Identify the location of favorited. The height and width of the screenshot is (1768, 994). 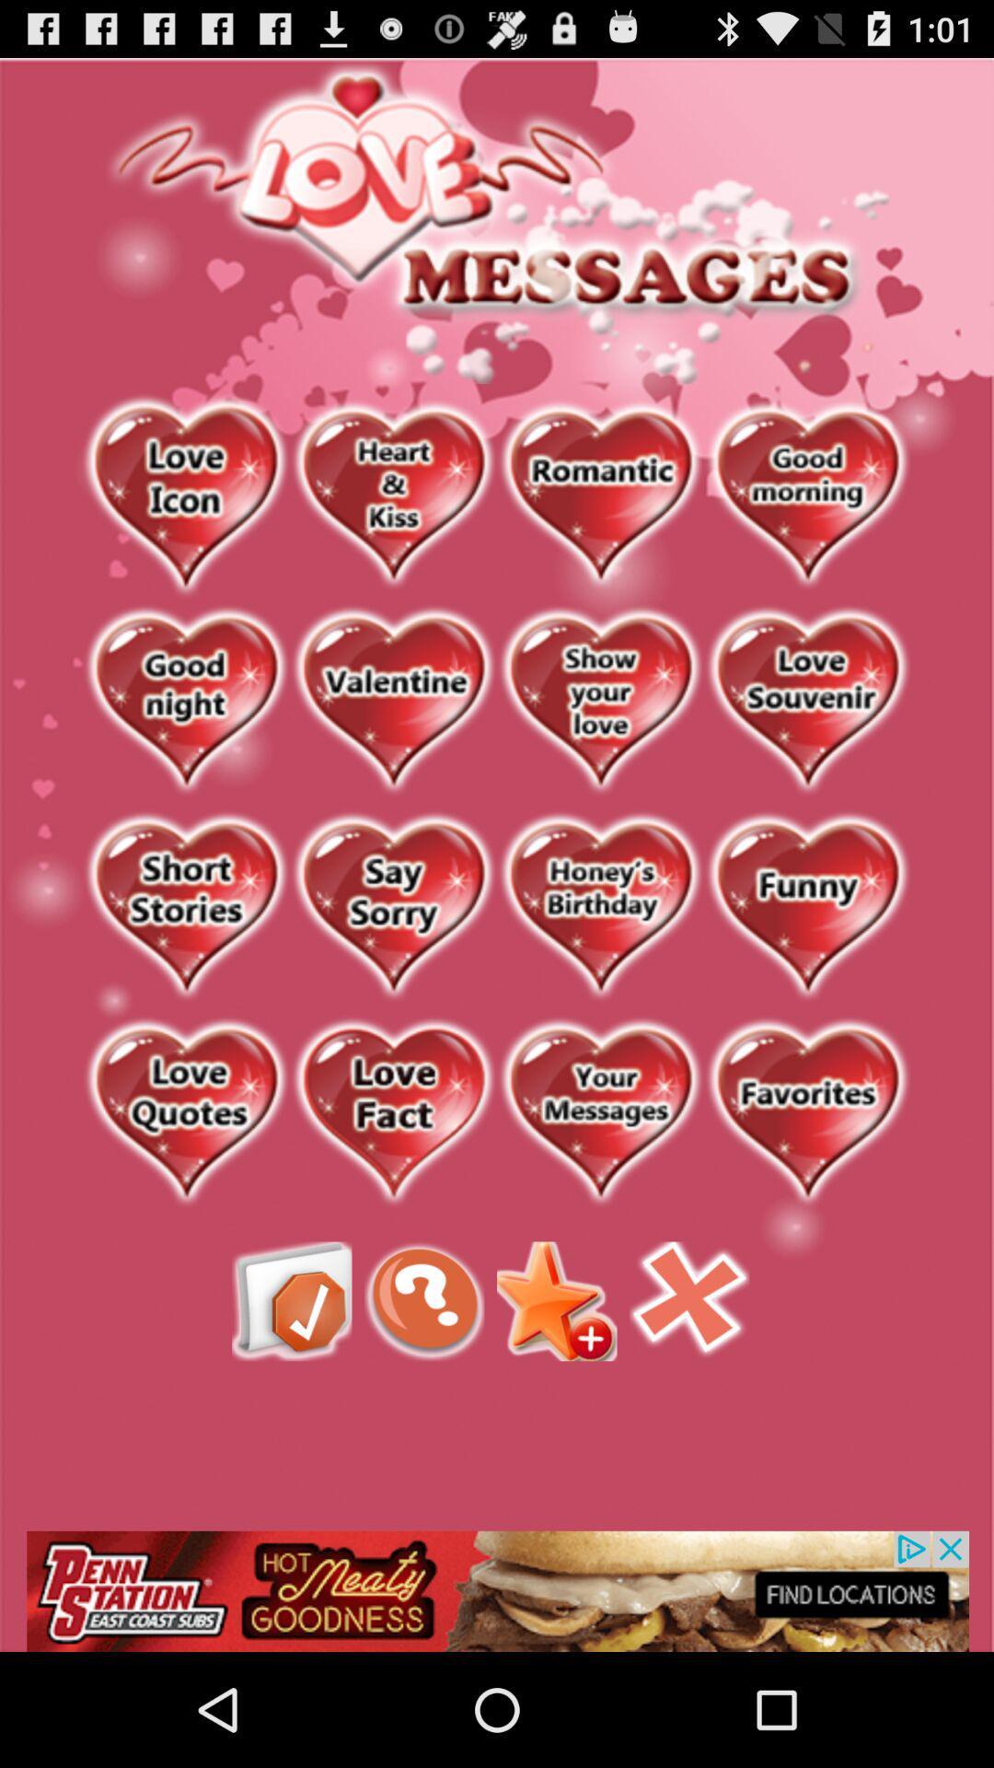
(186, 1112).